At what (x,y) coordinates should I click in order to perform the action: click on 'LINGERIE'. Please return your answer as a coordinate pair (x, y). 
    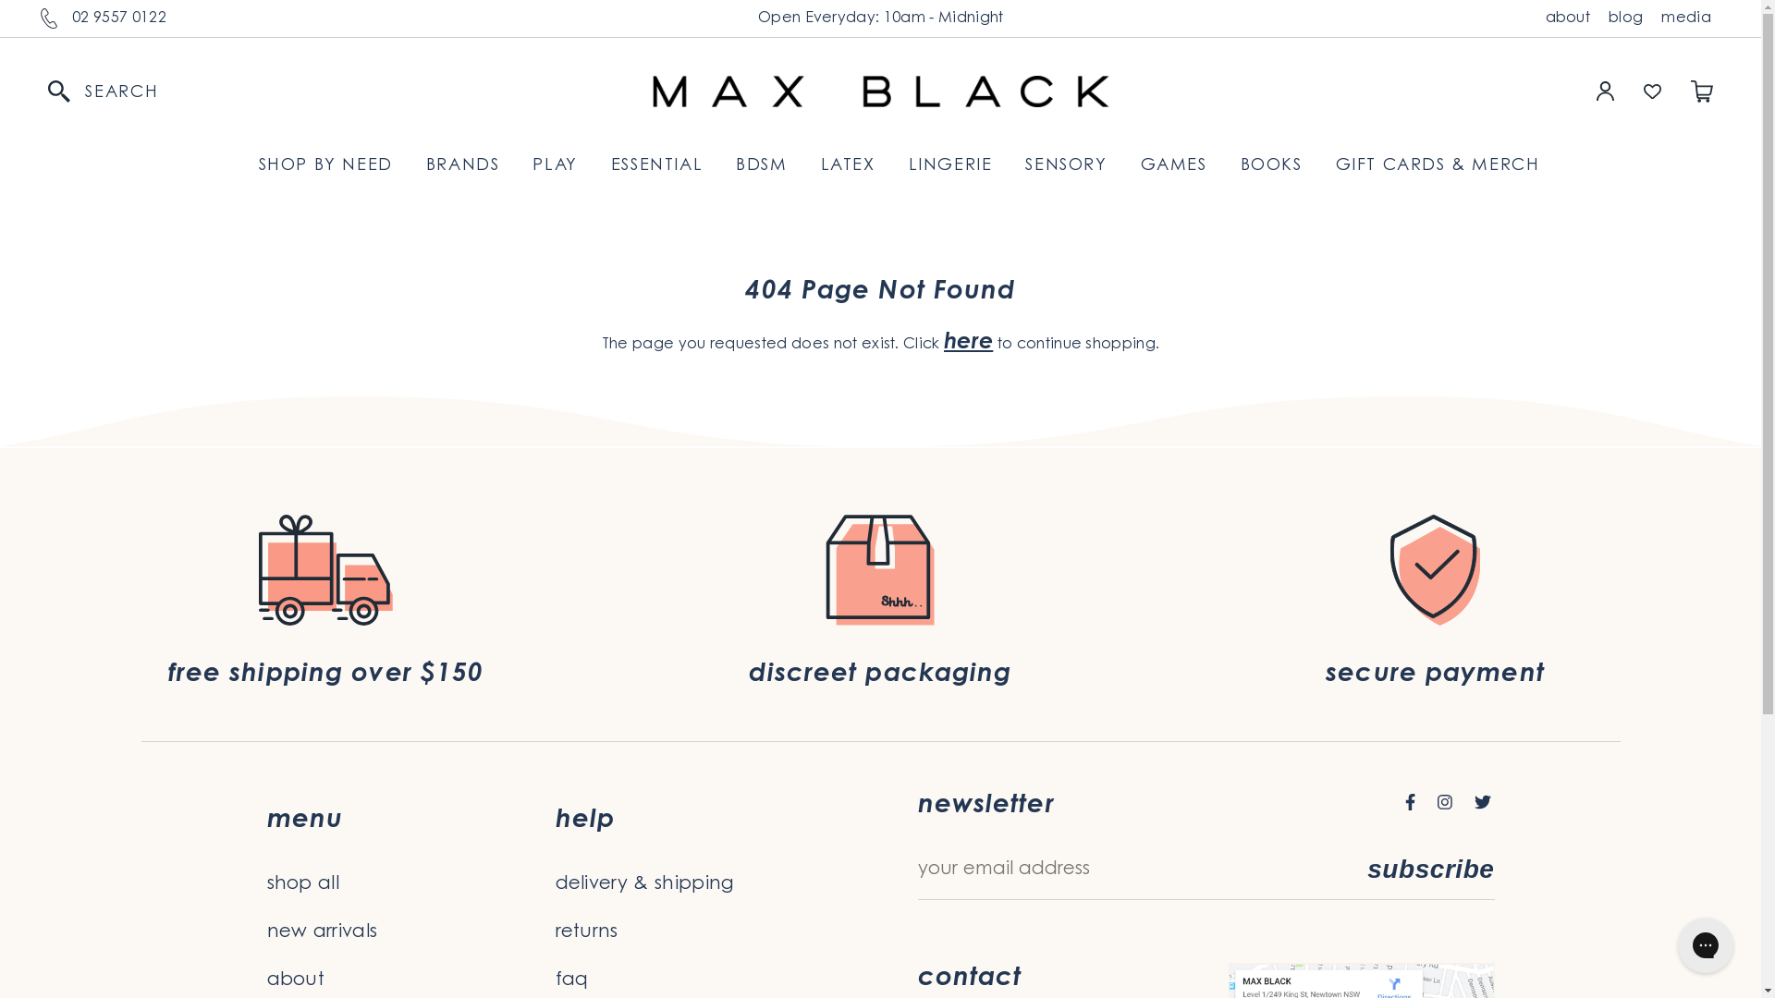
    Looking at the image, I should click on (950, 166).